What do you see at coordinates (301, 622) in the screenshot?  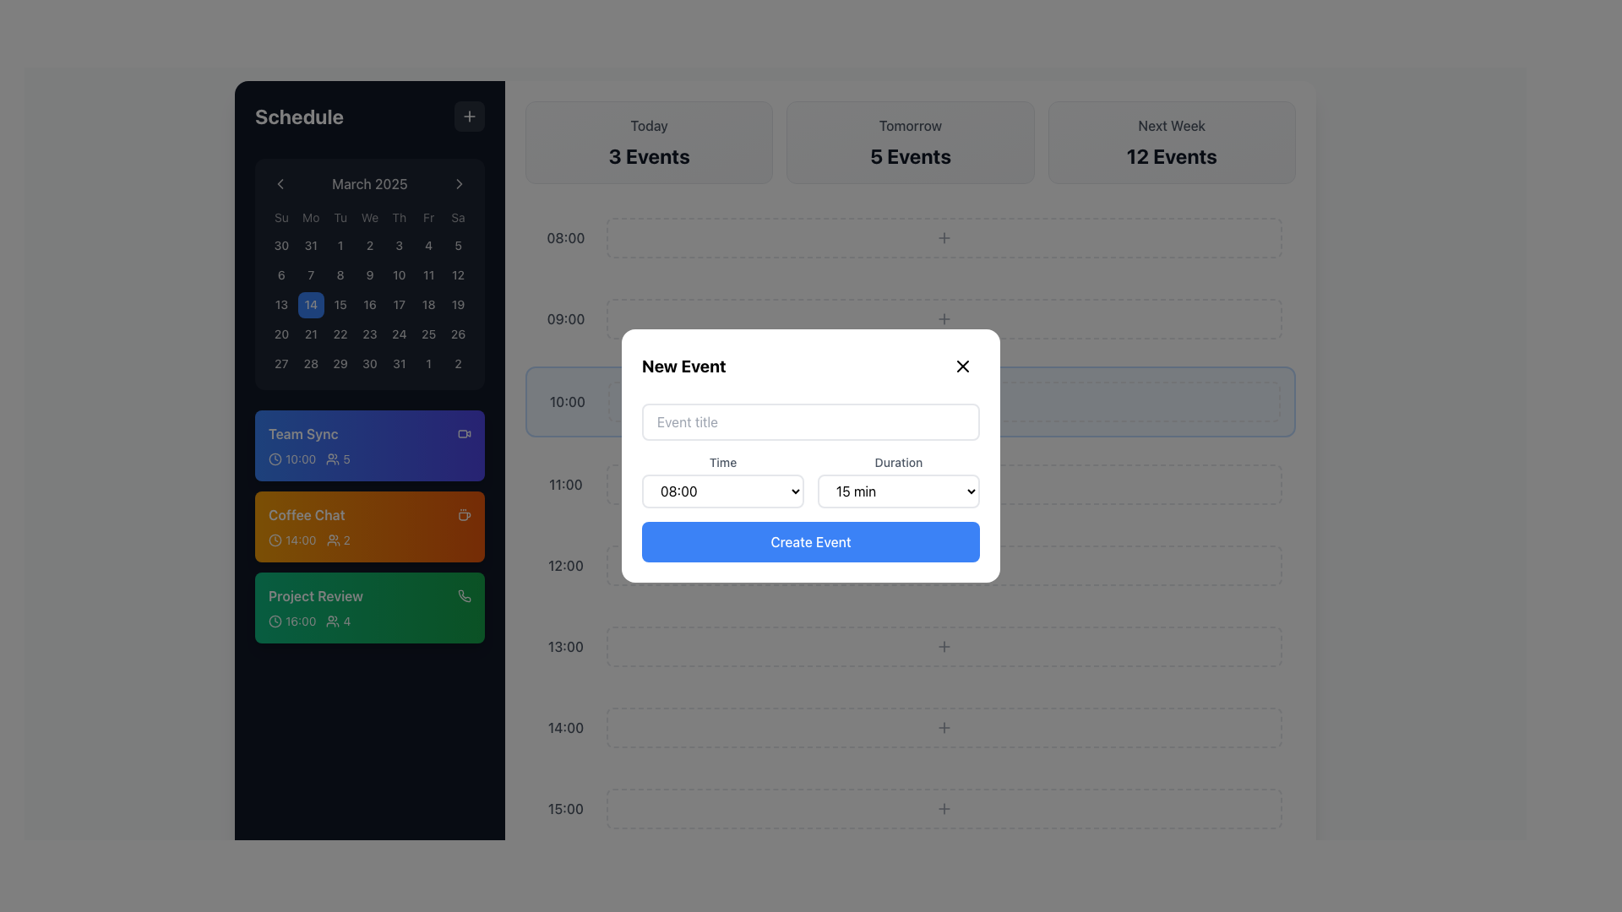 I see `the static text displaying the scheduled time of the 'Project Review' event, located in the left sidebar between the clock icon and the attendee count` at bounding box center [301, 622].